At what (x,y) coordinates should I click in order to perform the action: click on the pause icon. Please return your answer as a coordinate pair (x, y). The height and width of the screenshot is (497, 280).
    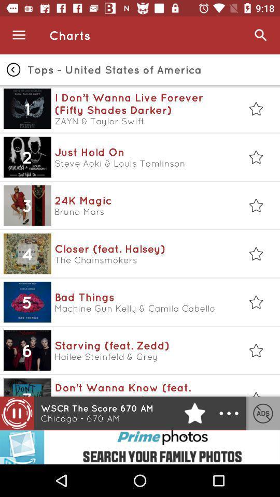
    Looking at the image, I should click on (16, 413).